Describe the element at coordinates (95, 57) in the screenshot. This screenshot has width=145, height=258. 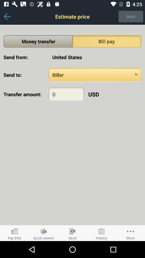
I see `app above the send to:` at that location.